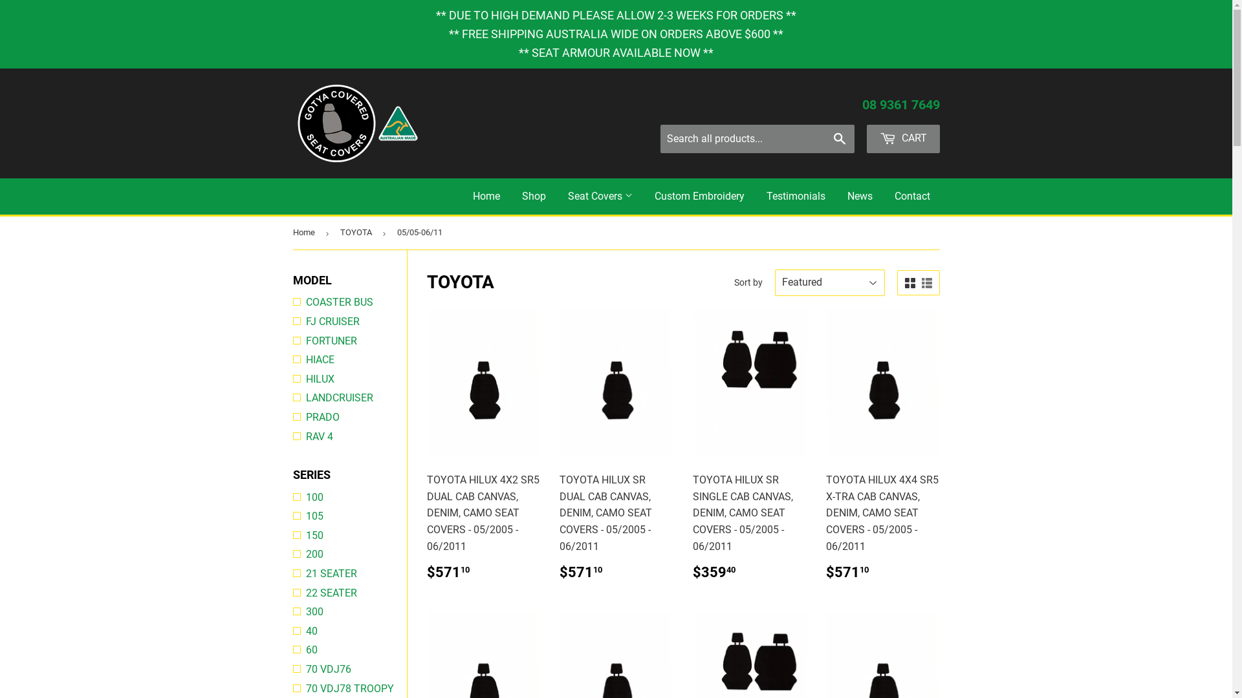 The width and height of the screenshot is (1242, 698). I want to click on 'Search', so click(840, 140).